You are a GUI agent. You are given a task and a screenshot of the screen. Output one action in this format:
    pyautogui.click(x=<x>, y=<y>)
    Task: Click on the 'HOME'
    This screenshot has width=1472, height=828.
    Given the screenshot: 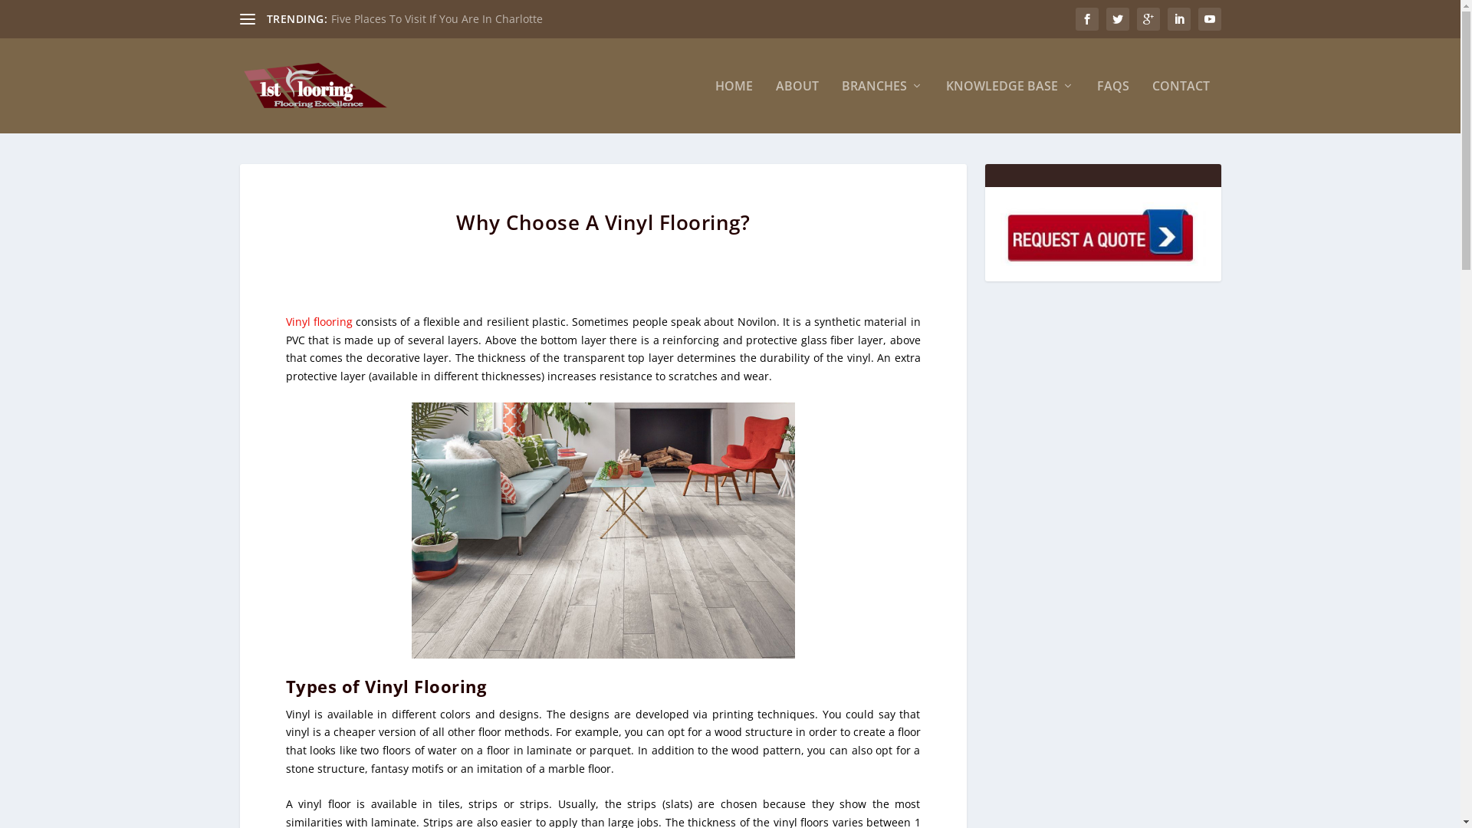 What is the action you would take?
    pyautogui.click(x=732, y=105)
    